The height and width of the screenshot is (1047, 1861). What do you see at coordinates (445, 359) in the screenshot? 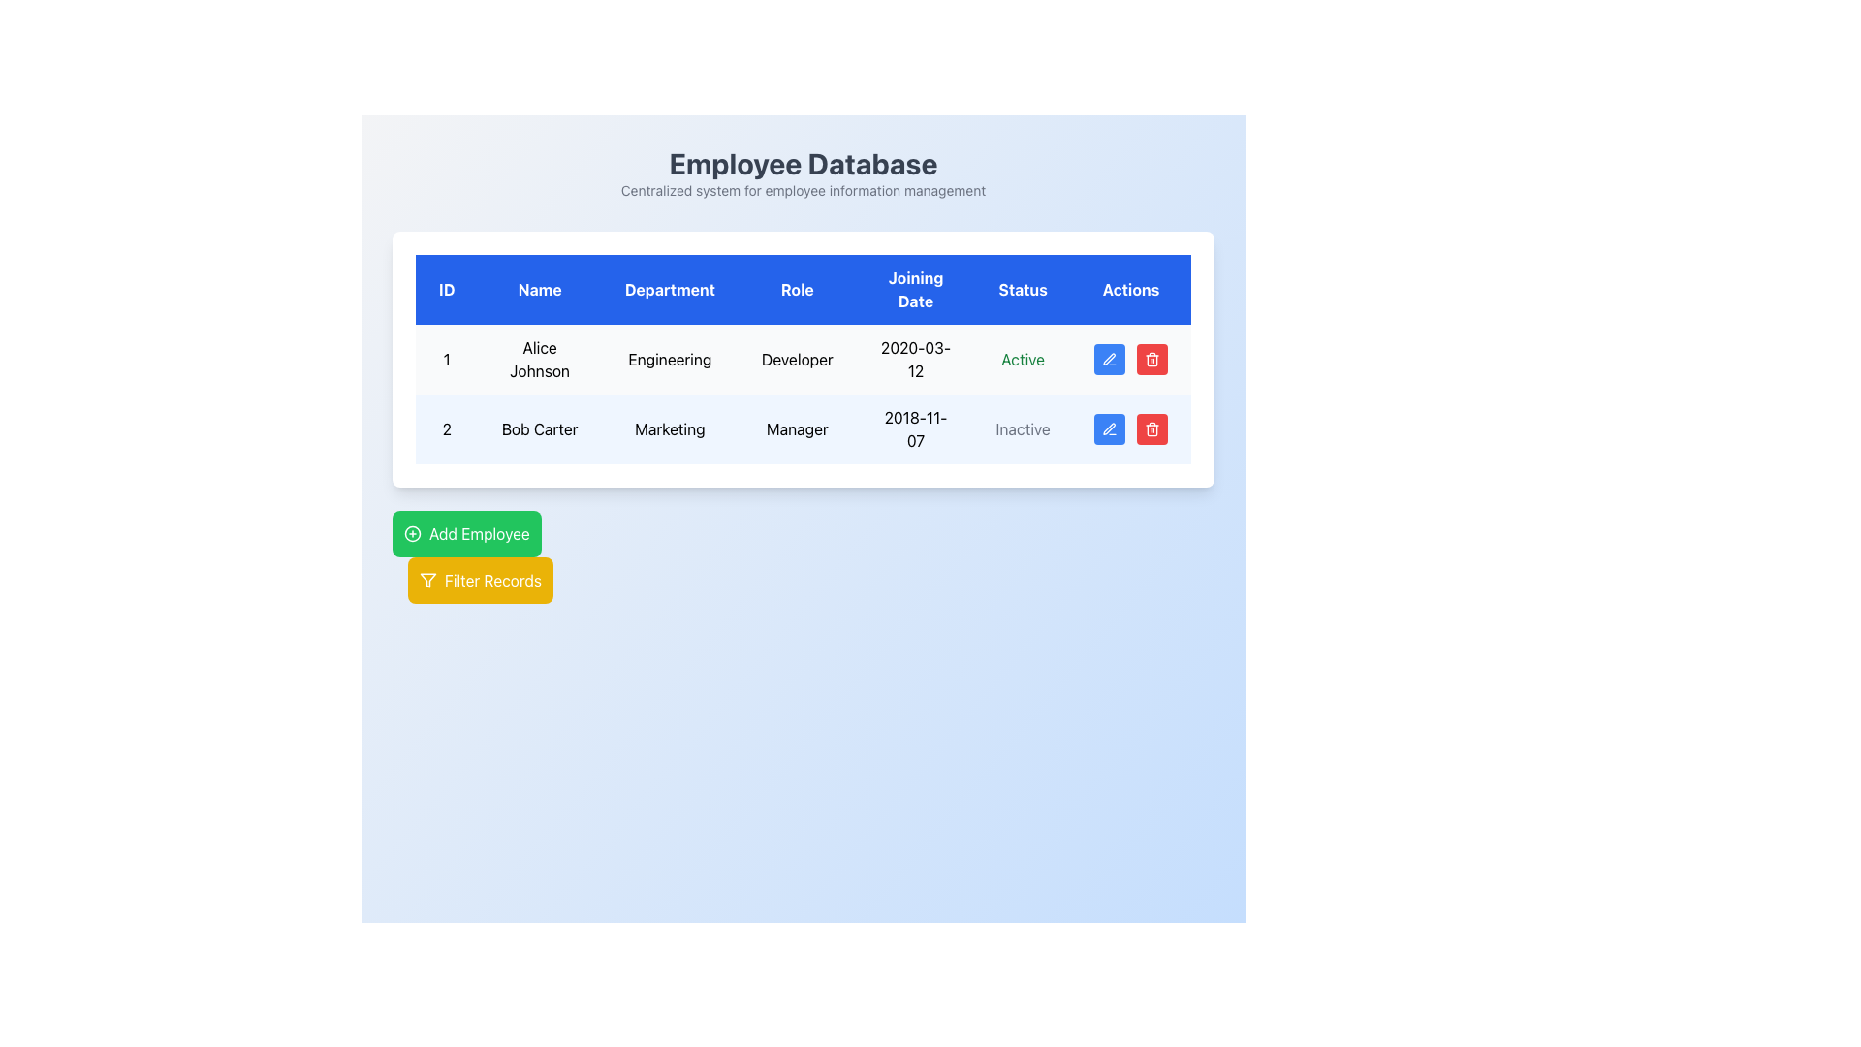
I see `the unique identifier in the first column of the first row of the data table, located beneath the 'ID' header, for reference or selection` at bounding box center [445, 359].